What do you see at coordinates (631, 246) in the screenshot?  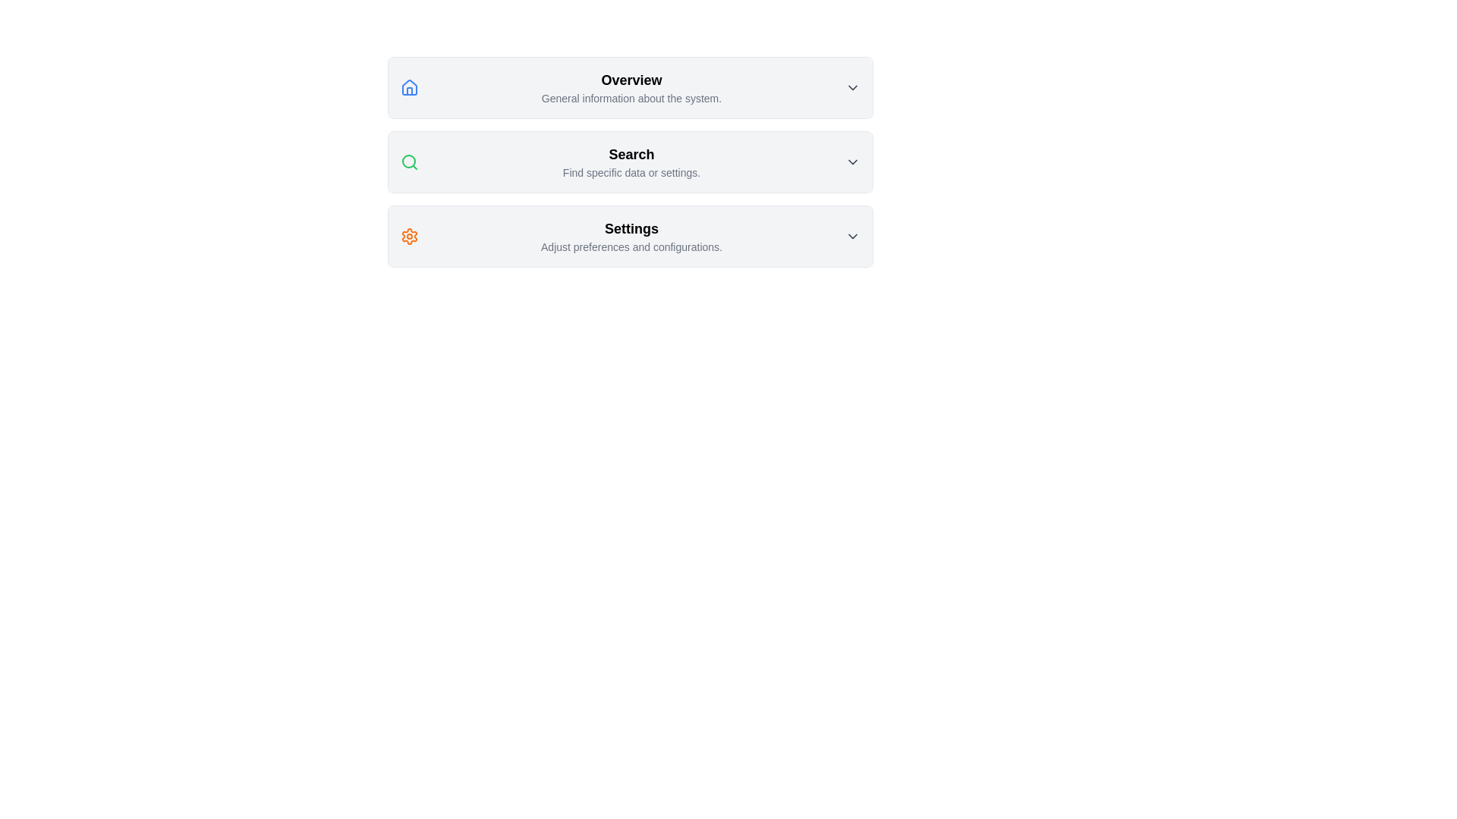 I see `the explanatory text label located within the 'Settings' section, which provides guidance on its functionalities` at bounding box center [631, 246].